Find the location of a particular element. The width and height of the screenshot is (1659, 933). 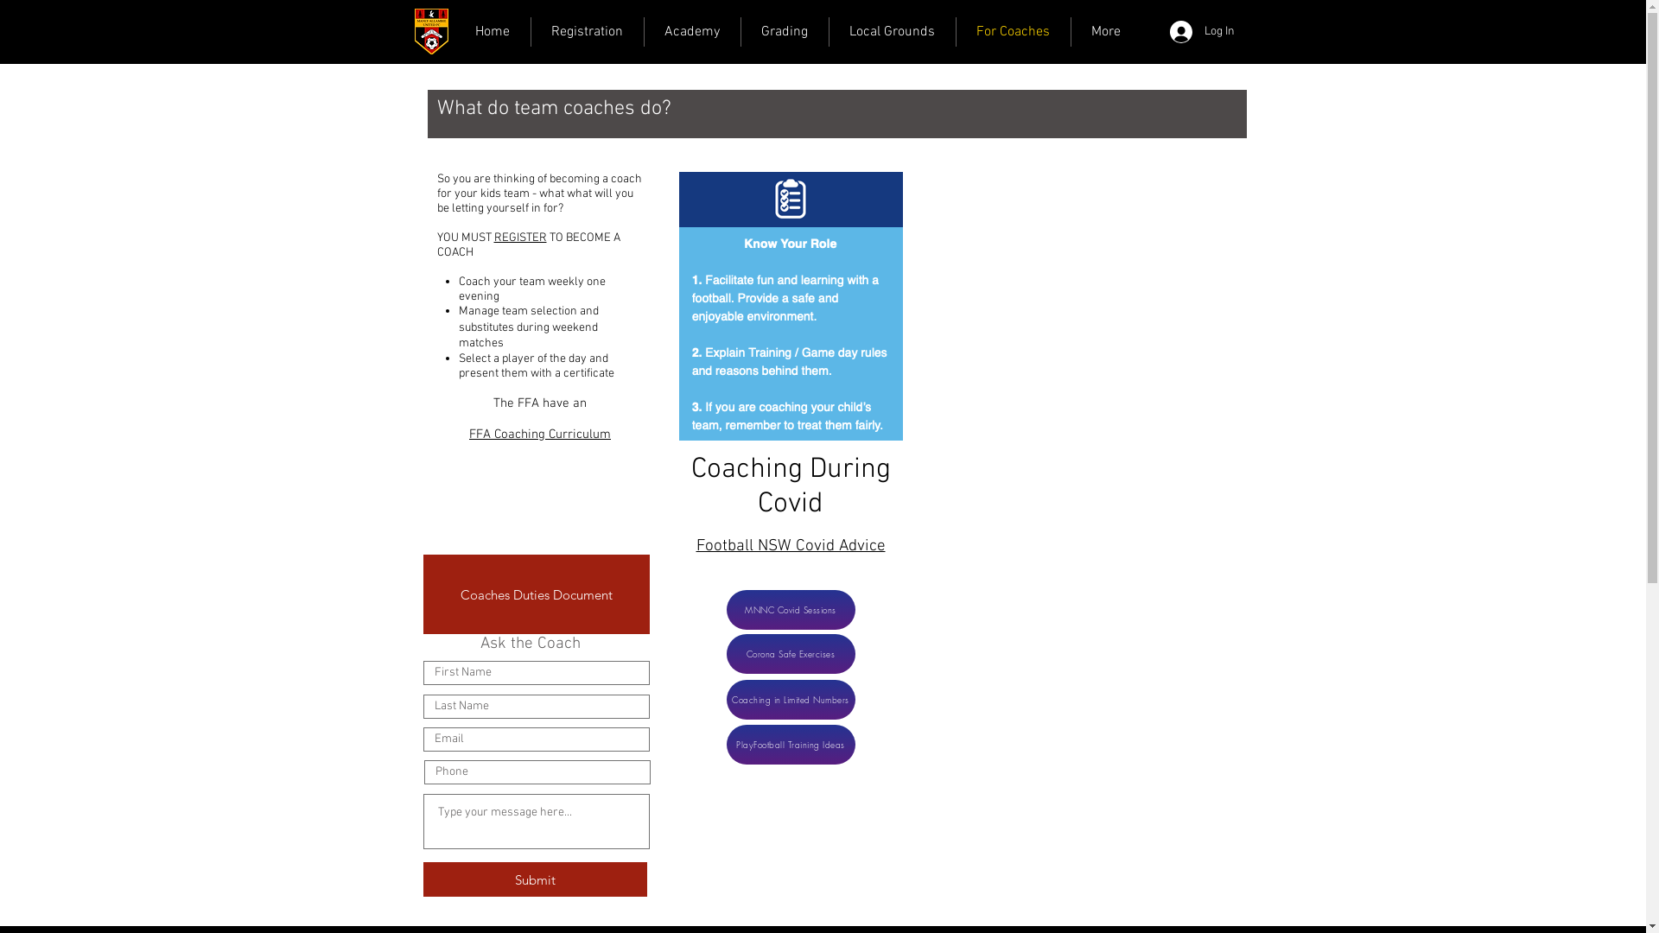

'For Coaches' is located at coordinates (1012, 32).